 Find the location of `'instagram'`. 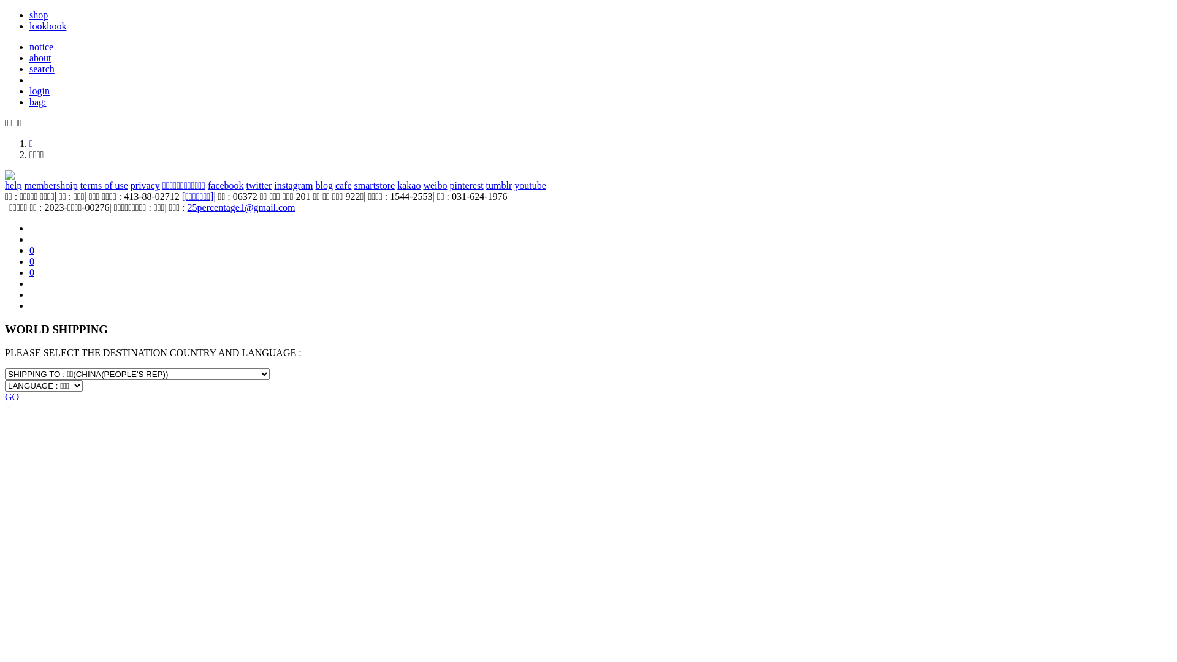

'instagram' is located at coordinates (292, 185).